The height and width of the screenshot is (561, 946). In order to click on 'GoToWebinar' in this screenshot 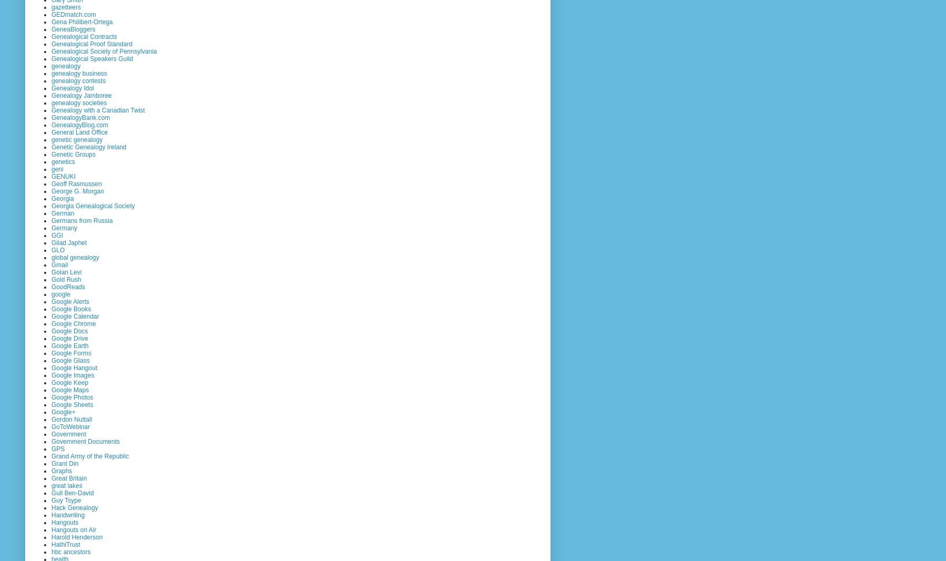, I will do `click(70, 426)`.